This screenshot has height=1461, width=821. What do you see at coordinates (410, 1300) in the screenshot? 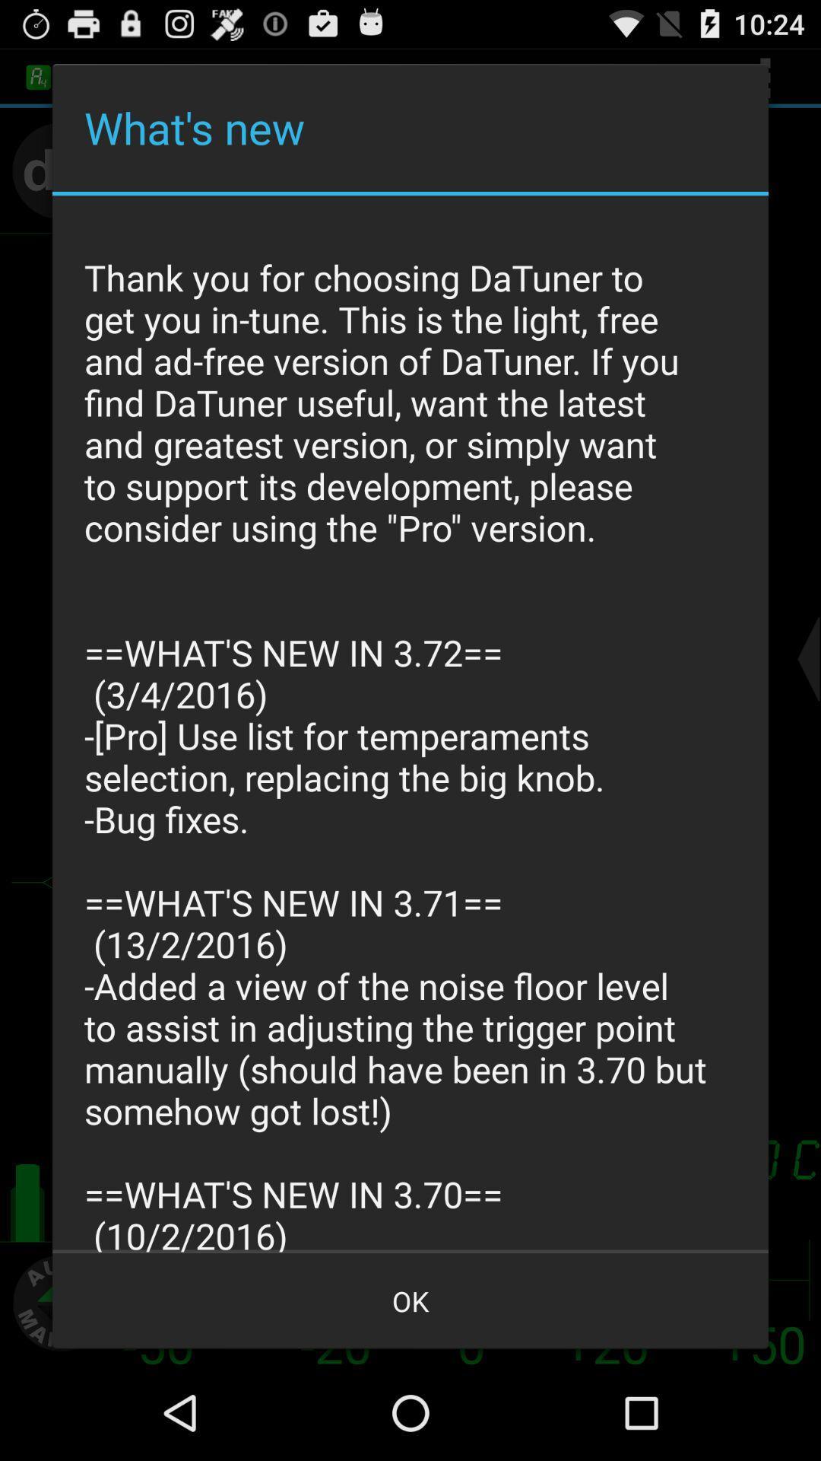
I see `ok` at bounding box center [410, 1300].